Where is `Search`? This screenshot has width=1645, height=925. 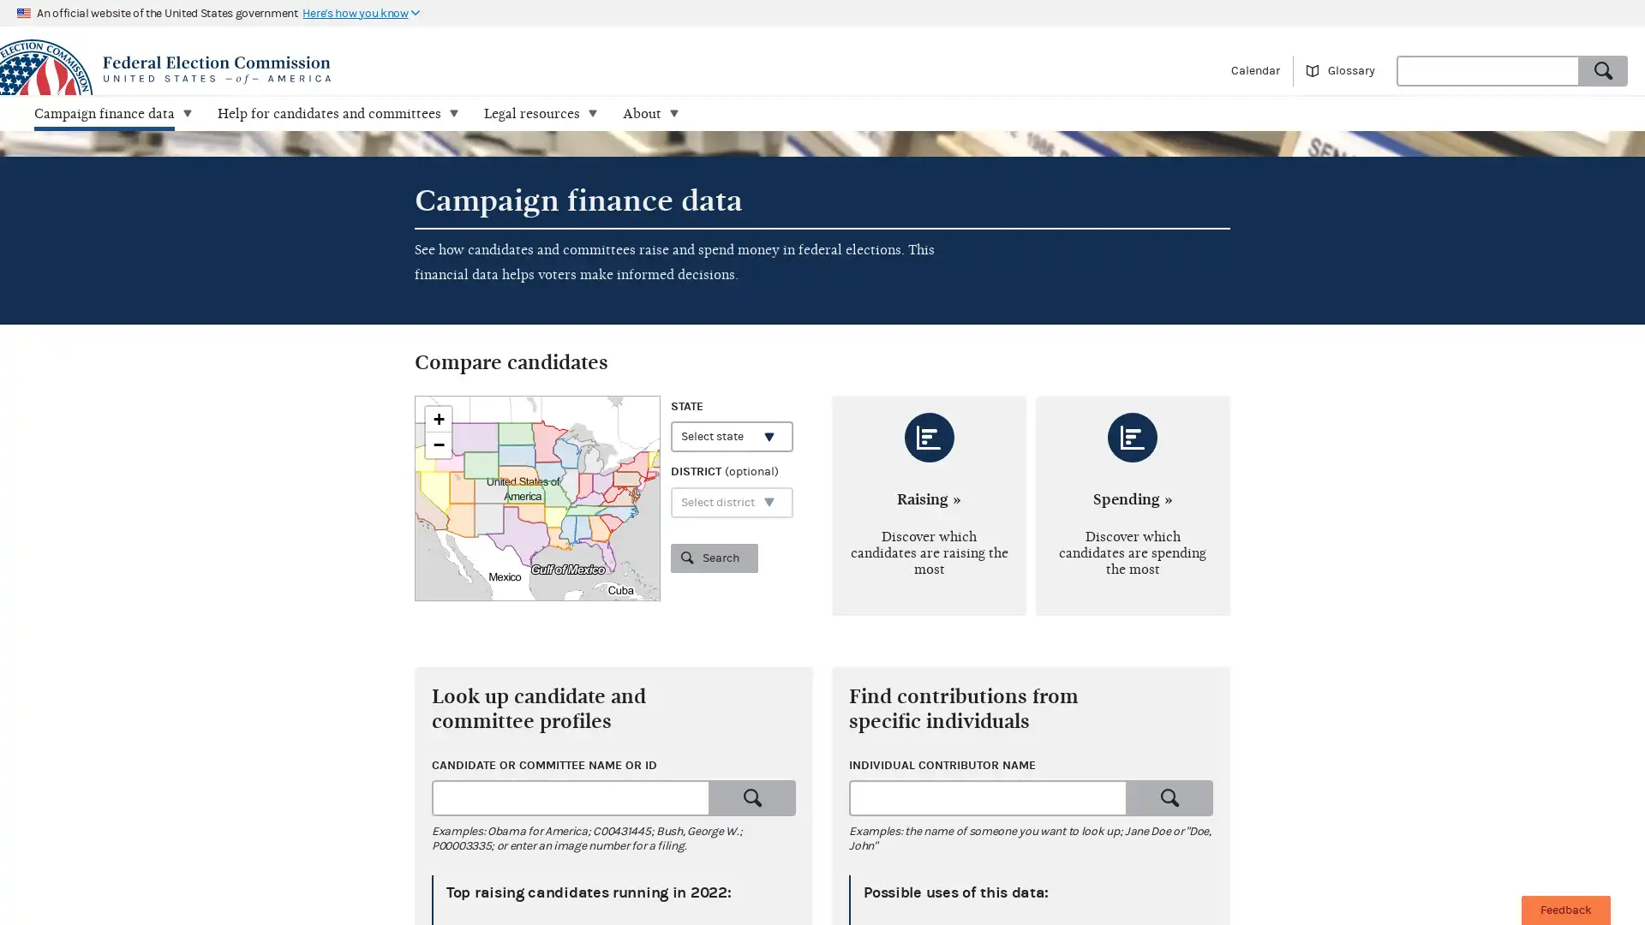
Search is located at coordinates (1603, 69).